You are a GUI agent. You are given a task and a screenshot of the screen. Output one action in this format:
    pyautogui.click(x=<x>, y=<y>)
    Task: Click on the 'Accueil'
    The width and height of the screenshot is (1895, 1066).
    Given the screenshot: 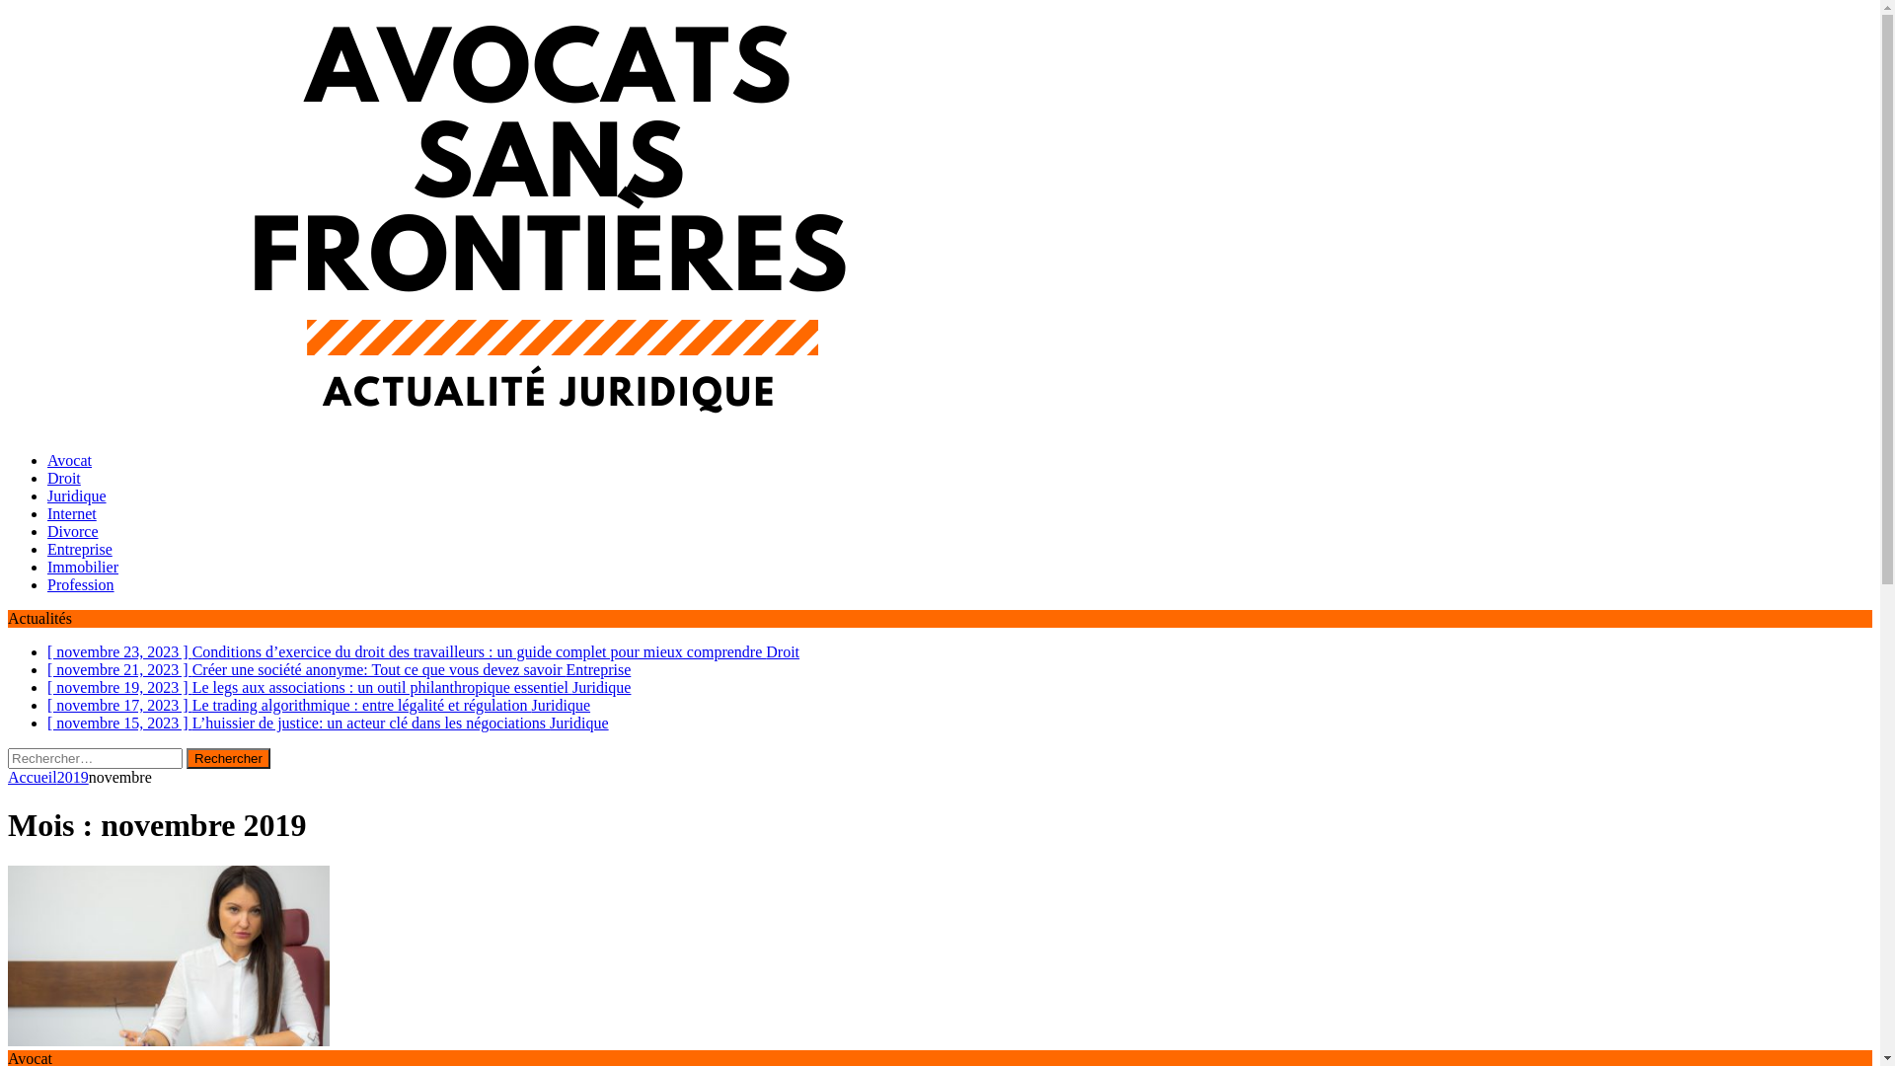 What is the action you would take?
    pyautogui.click(x=33, y=776)
    